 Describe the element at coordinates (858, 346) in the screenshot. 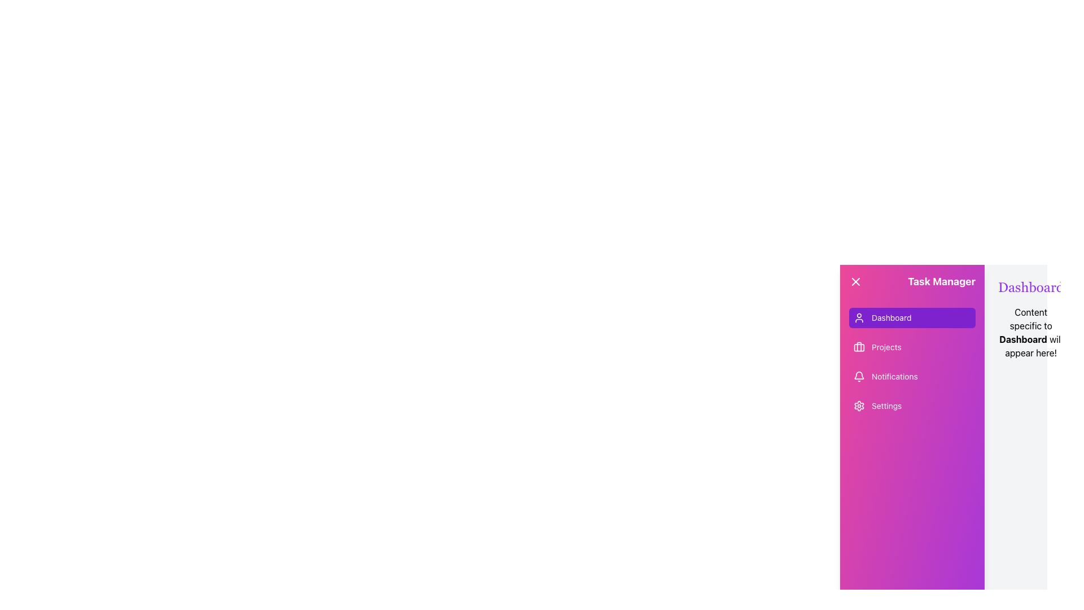

I see `the 'Projects' icon located in the left navigation bar, which is positioned below the 'Dashboard' item and above the 'Notifications' item for interaction` at that location.